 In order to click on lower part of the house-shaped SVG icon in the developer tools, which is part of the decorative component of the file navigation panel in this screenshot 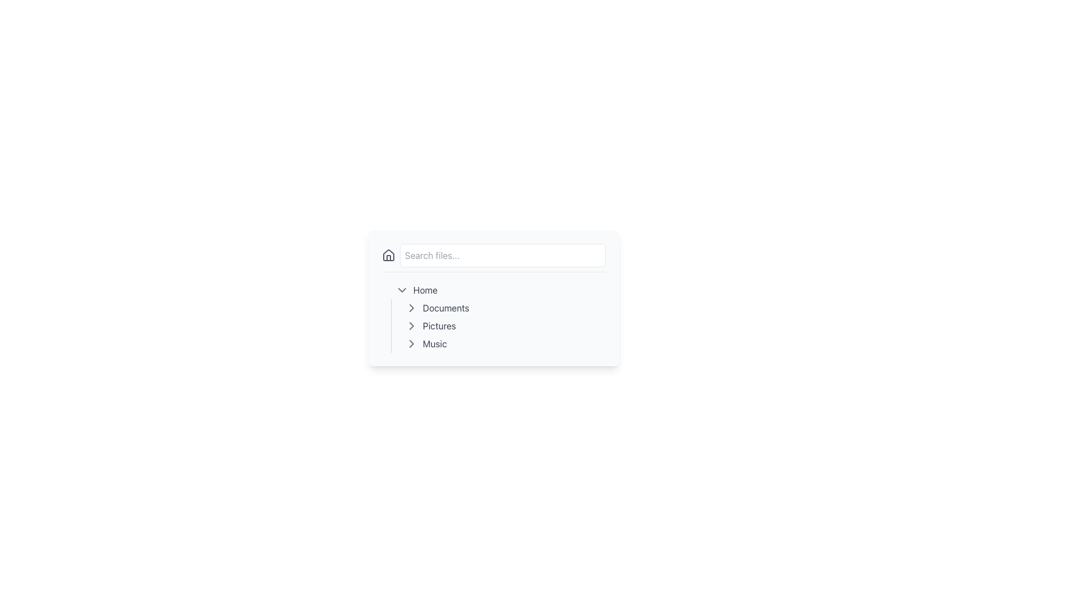, I will do `click(389, 258)`.